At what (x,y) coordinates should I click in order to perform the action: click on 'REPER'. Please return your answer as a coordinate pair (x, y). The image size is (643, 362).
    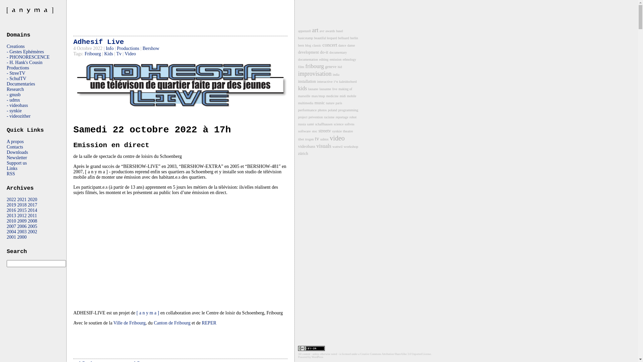
    Looking at the image, I should click on (201, 322).